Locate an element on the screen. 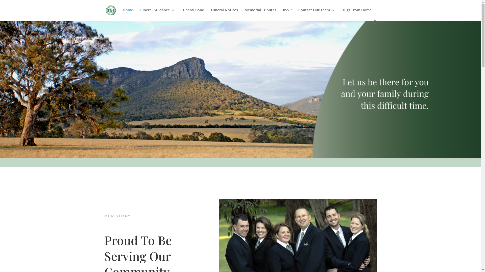  'Hugs From Home' is located at coordinates (356, 14).